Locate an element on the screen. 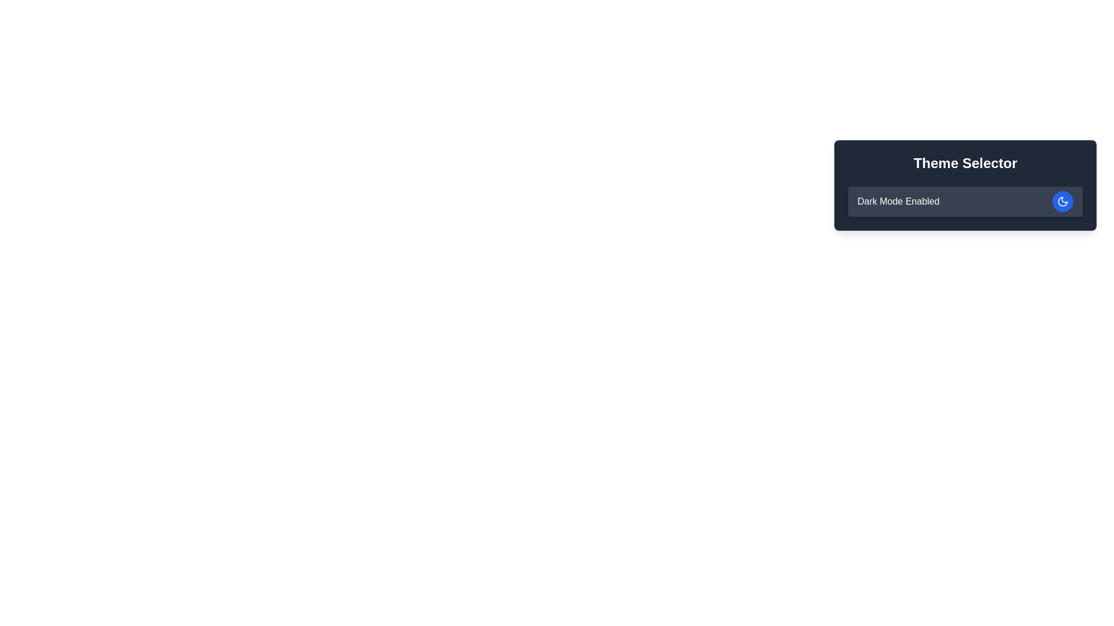  the crescent moon icon located within the theme selector interface, adjacent to the 'Dark Mode Enabled' button is located at coordinates (1063, 201).